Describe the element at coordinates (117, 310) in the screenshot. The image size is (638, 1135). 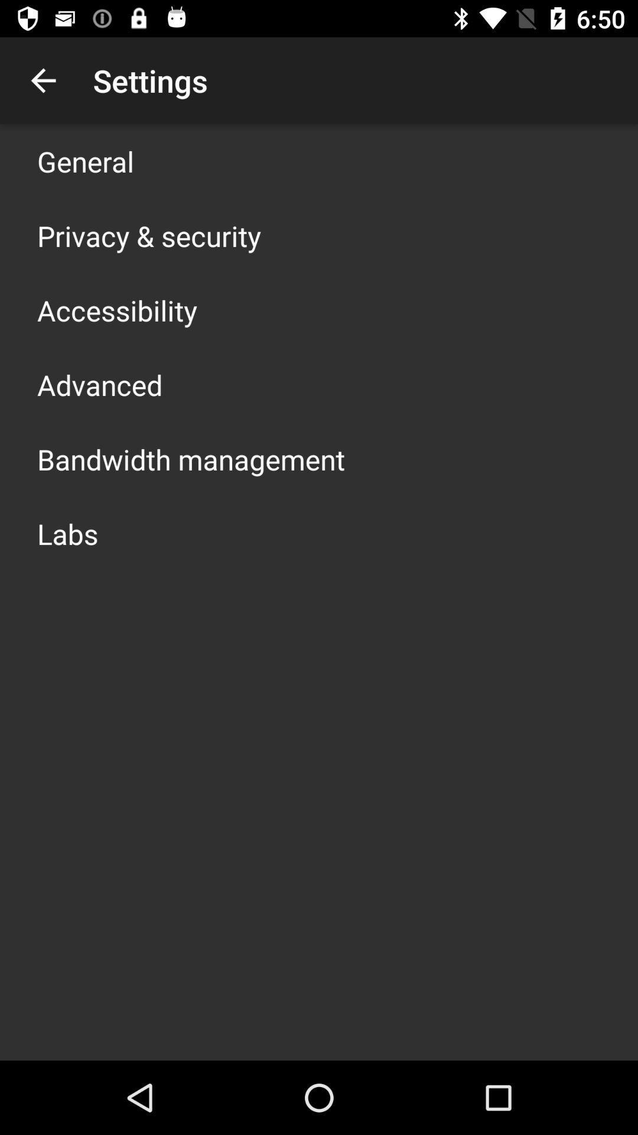
I see `item below the privacy & security app` at that location.